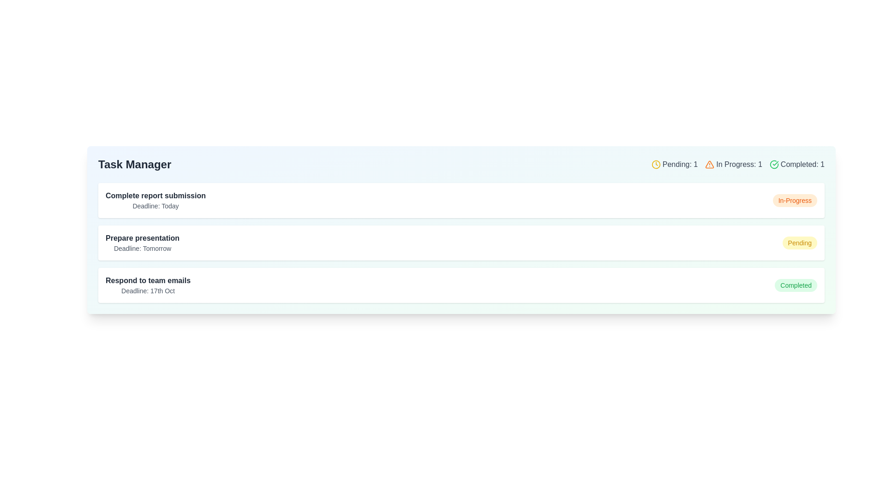 The width and height of the screenshot is (886, 498). I want to click on the Status Indicator Cluster, which includes three status indicators: a yellow clock icon labeled 'Pending: 1', an orange triangle icon labeled 'In Progress: 1', and a green checkmark icon labeled 'Completed: 1', so click(737, 164).